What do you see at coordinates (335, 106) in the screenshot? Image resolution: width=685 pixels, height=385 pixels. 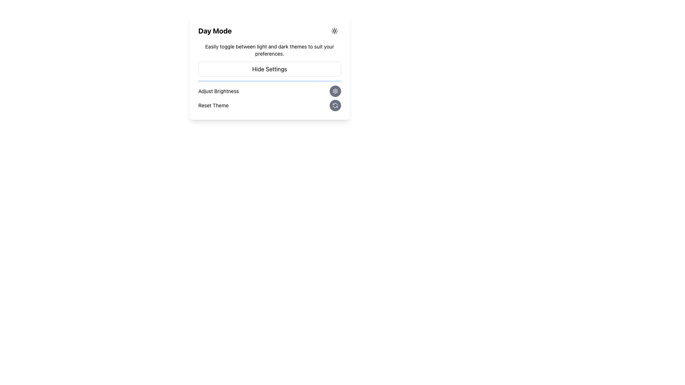 I see `the refresh icon with a circular arrow design located in the settings section` at bounding box center [335, 106].